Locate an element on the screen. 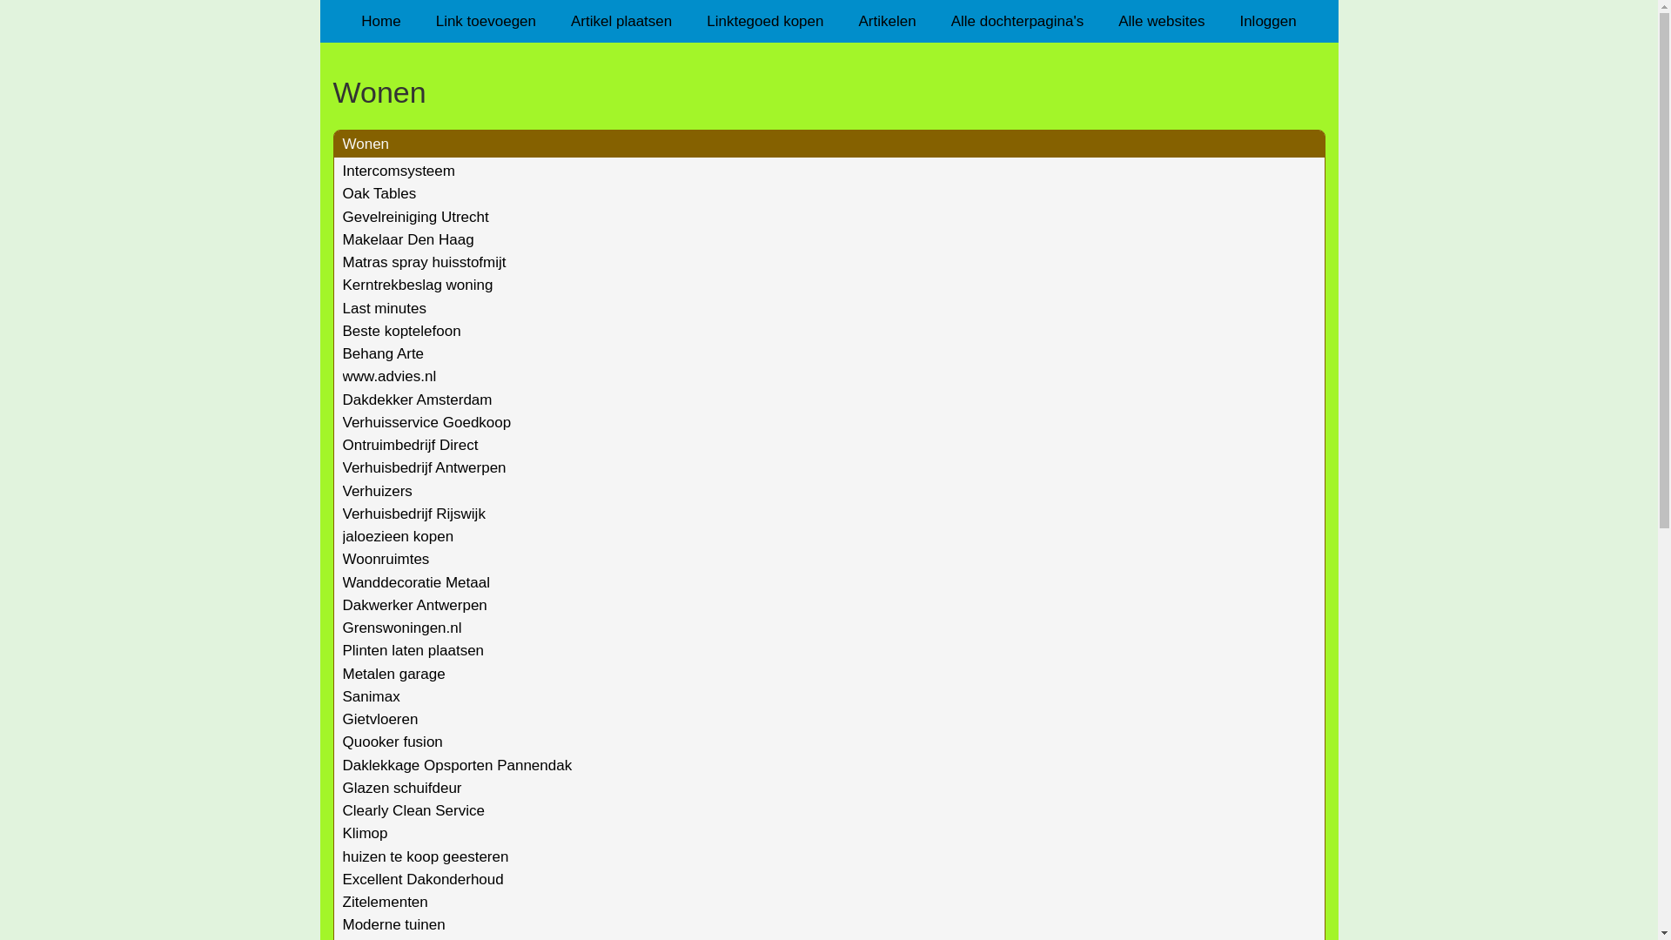 This screenshot has height=940, width=1671. 'Artikelen' is located at coordinates (840, 21).